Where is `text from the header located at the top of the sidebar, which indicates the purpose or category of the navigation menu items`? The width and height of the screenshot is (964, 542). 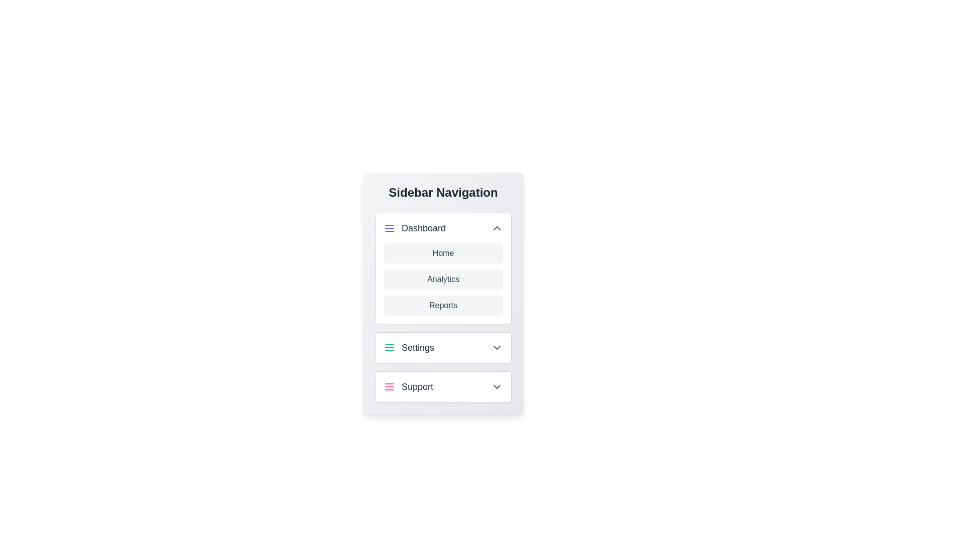 text from the header located at the top of the sidebar, which indicates the purpose or category of the navigation menu items is located at coordinates (443, 193).